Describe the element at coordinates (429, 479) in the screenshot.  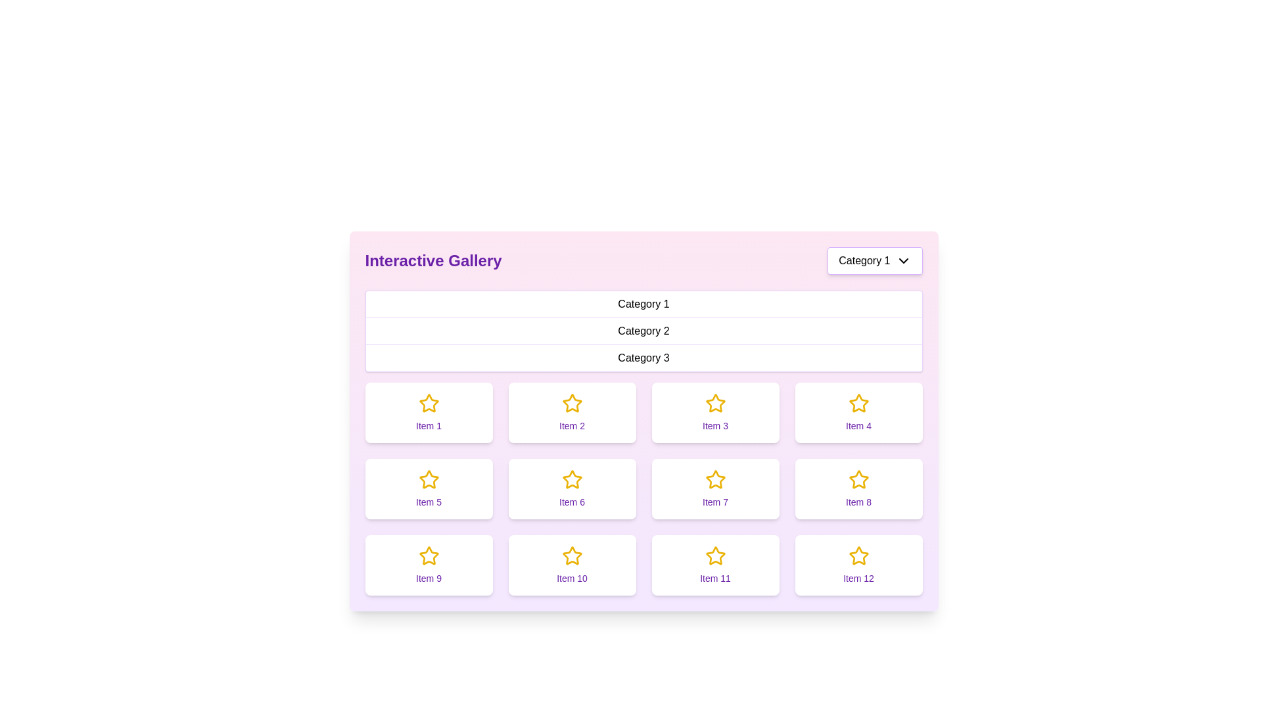
I see `the yellow outlined star icon, which is part of the card labeled 'Item 5' in the grid layout` at that location.